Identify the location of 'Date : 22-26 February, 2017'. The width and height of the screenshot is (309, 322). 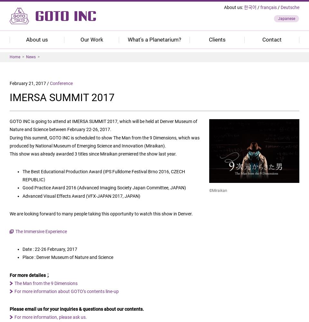
(22, 249).